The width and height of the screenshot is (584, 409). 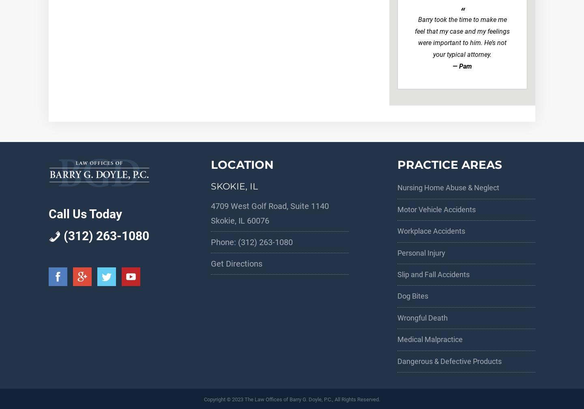 What do you see at coordinates (422, 317) in the screenshot?
I see `'Wrongful Death'` at bounding box center [422, 317].